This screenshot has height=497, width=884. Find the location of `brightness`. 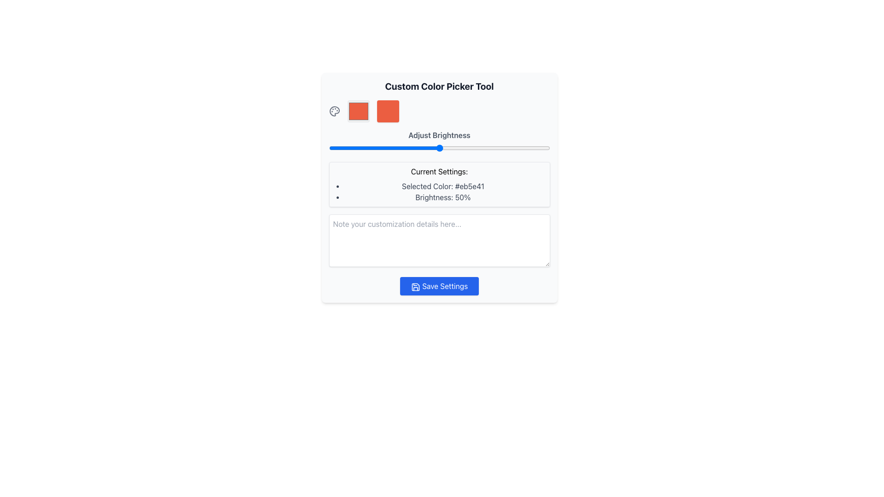

brightness is located at coordinates (350, 147).